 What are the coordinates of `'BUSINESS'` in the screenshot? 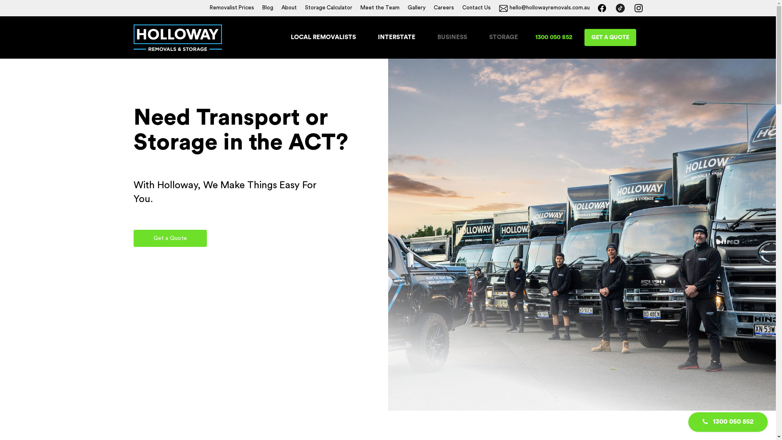 It's located at (437, 37).